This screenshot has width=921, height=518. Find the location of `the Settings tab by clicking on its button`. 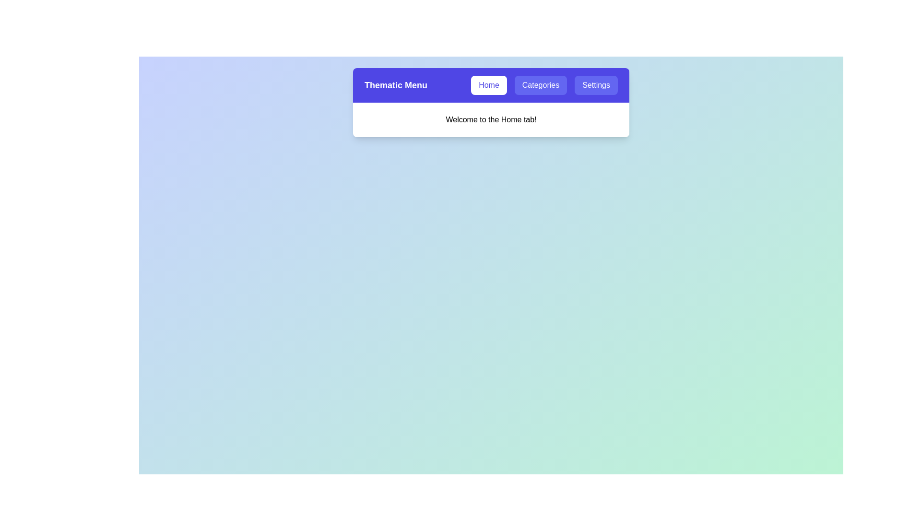

the Settings tab by clicking on its button is located at coordinates (596, 84).